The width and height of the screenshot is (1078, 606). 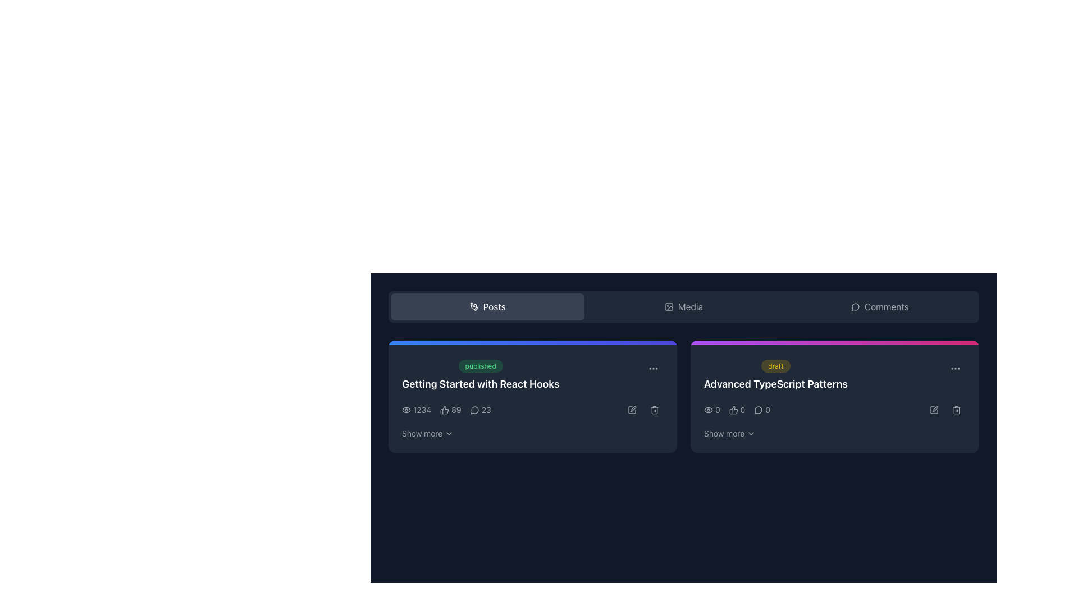 I want to click on the second content card in the management dashboard, which includes interactive controls for managing posts, so click(x=835, y=396).